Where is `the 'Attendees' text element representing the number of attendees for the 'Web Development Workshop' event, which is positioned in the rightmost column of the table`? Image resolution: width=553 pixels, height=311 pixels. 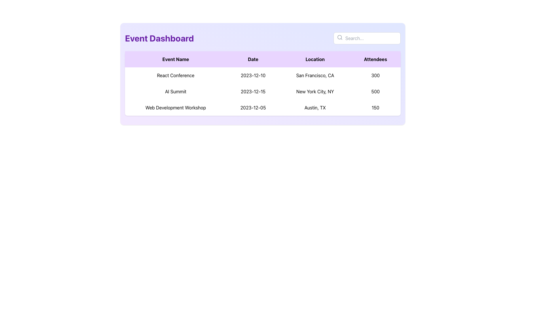 the 'Attendees' text element representing the number of attendees for the 'Web Development Workshop' event, which is positioned in the rightmost column of the table is located at coordinates (375, 108).